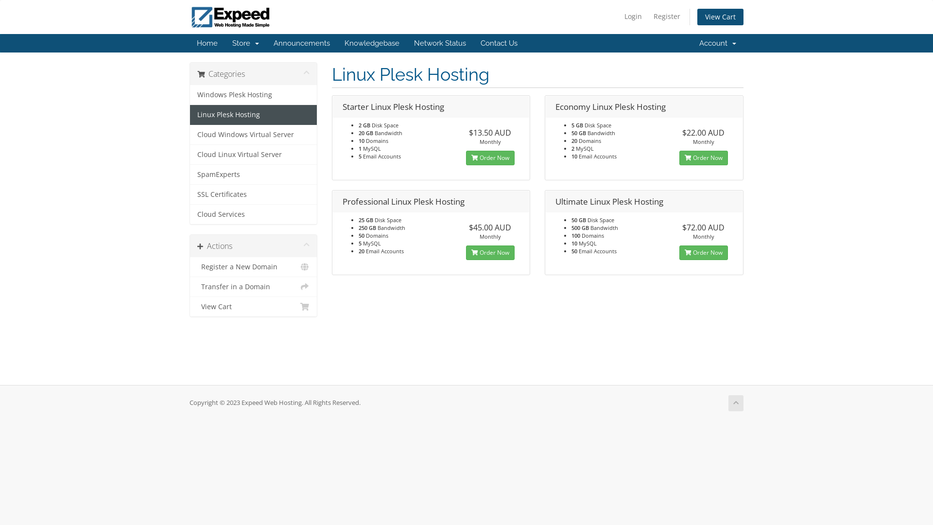 The width and height of the screenshot is (933, 525). Describe the element at coordinates (473, 42) in the screenshot. I see `'Contact Us'` at that location.